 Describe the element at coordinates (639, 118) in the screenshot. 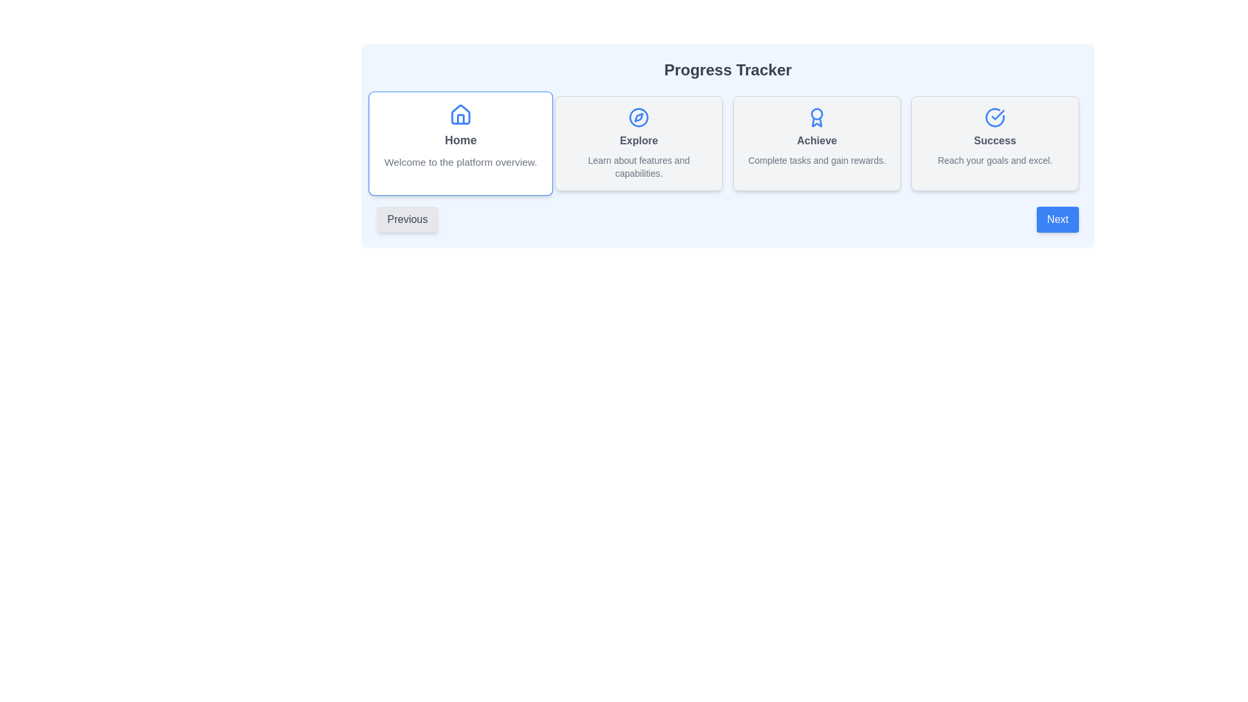

I see `the SVG Circle representing the compass in the 'Explore' card, which is the second card from the left in the 'Progress Tracker' section` at that location.